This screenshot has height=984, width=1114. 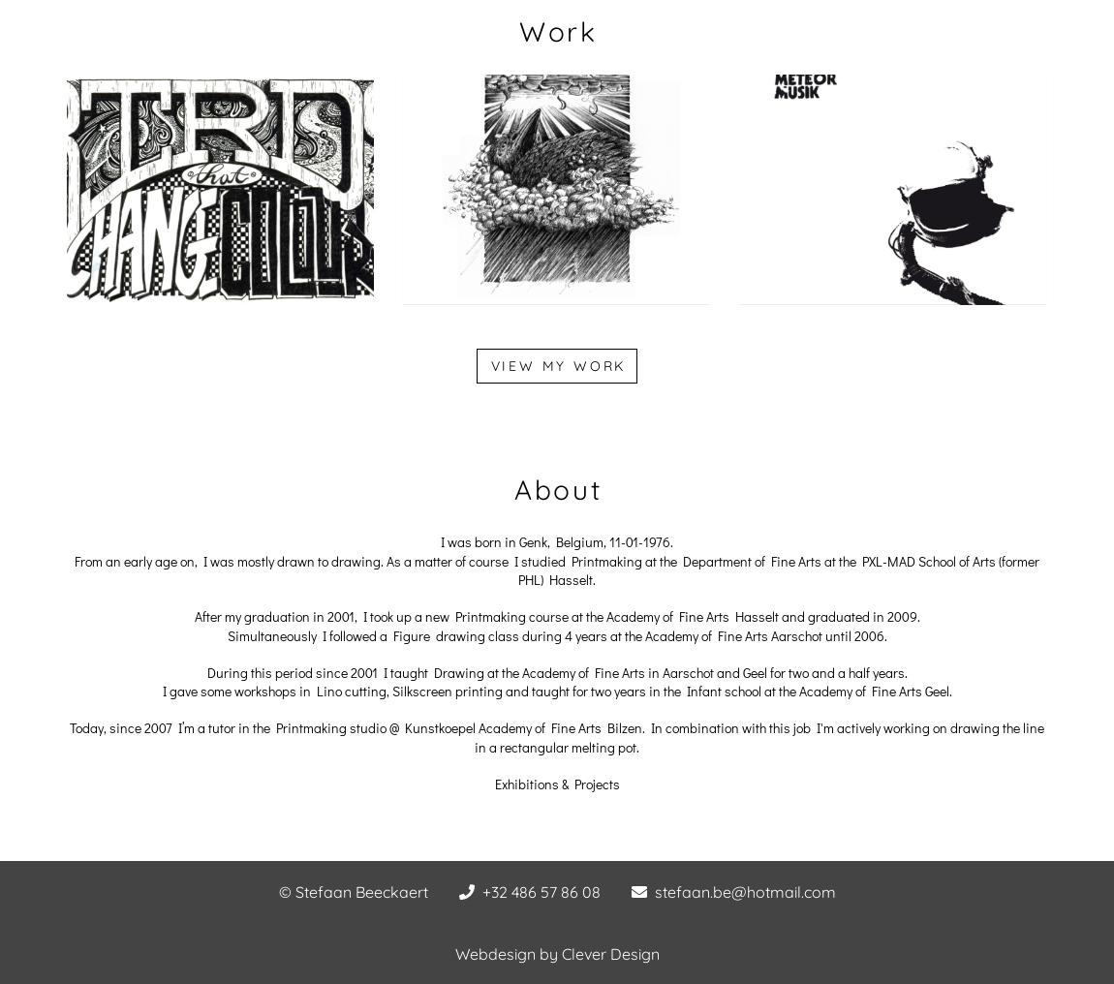 What do you see at coordinates (556, 670) in the screenshot?
I see `'During this period since 2001 I taught Drawing at the Academy of Fine Arts in Aarschot and Geel for two and a half years.'` at bounding box center [556, 670].